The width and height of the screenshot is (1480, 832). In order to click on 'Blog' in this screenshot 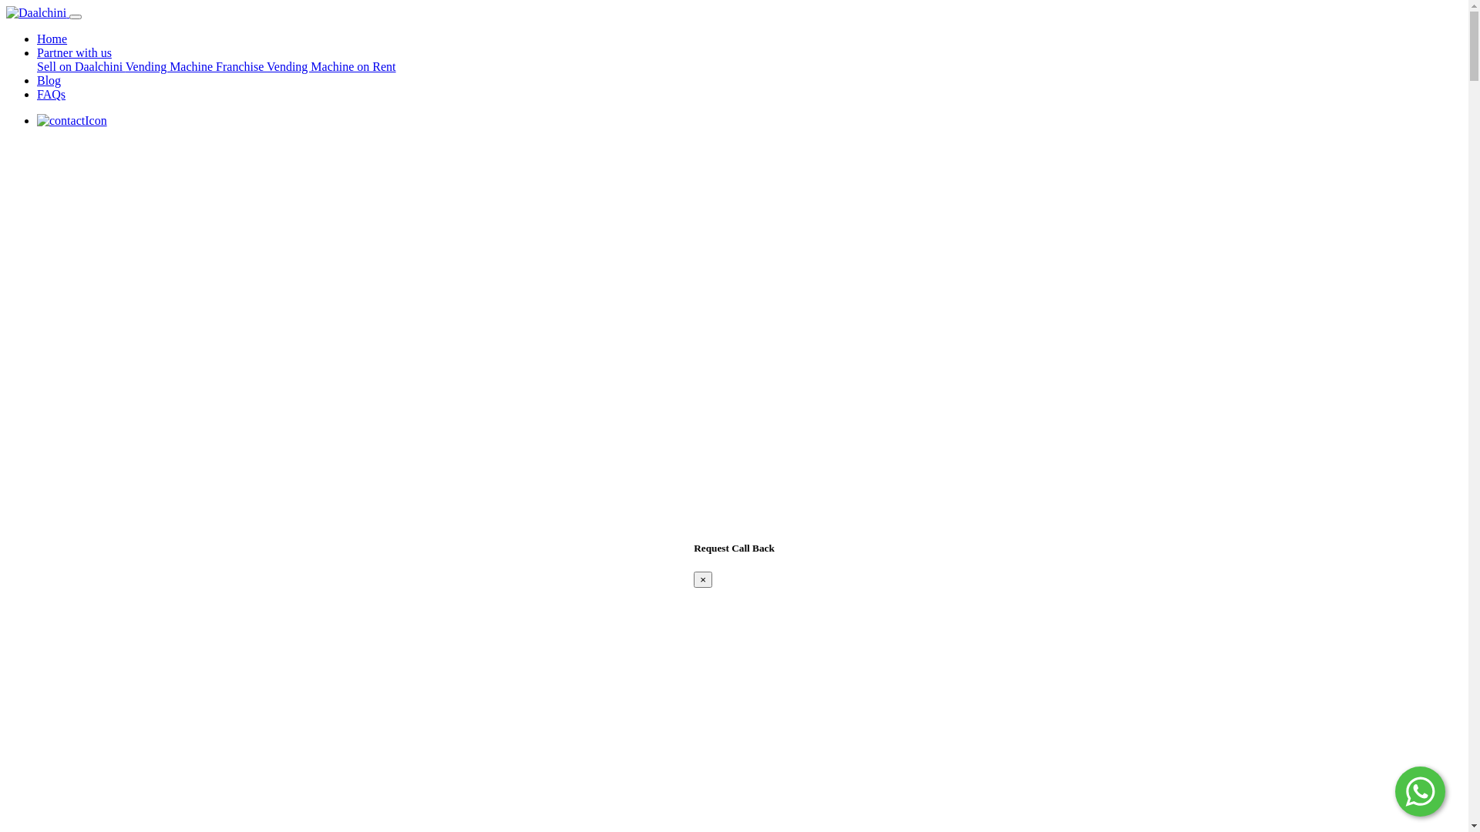, I will do `click(37, 80)`.